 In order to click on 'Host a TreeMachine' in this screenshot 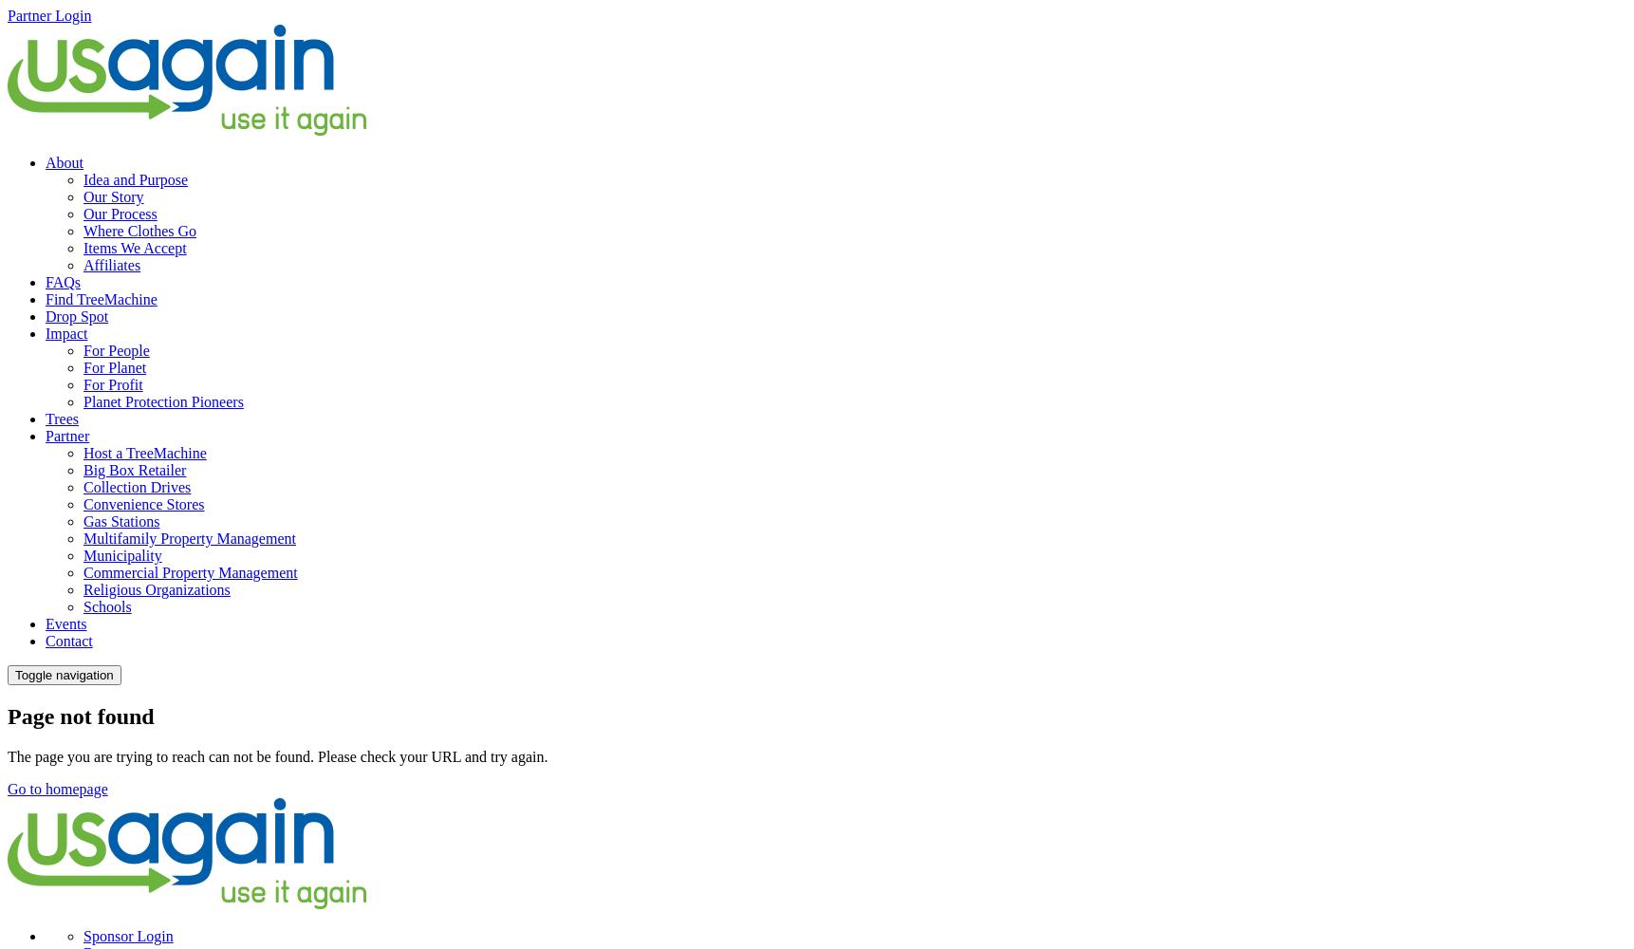, I will do `click(144, 452)`.